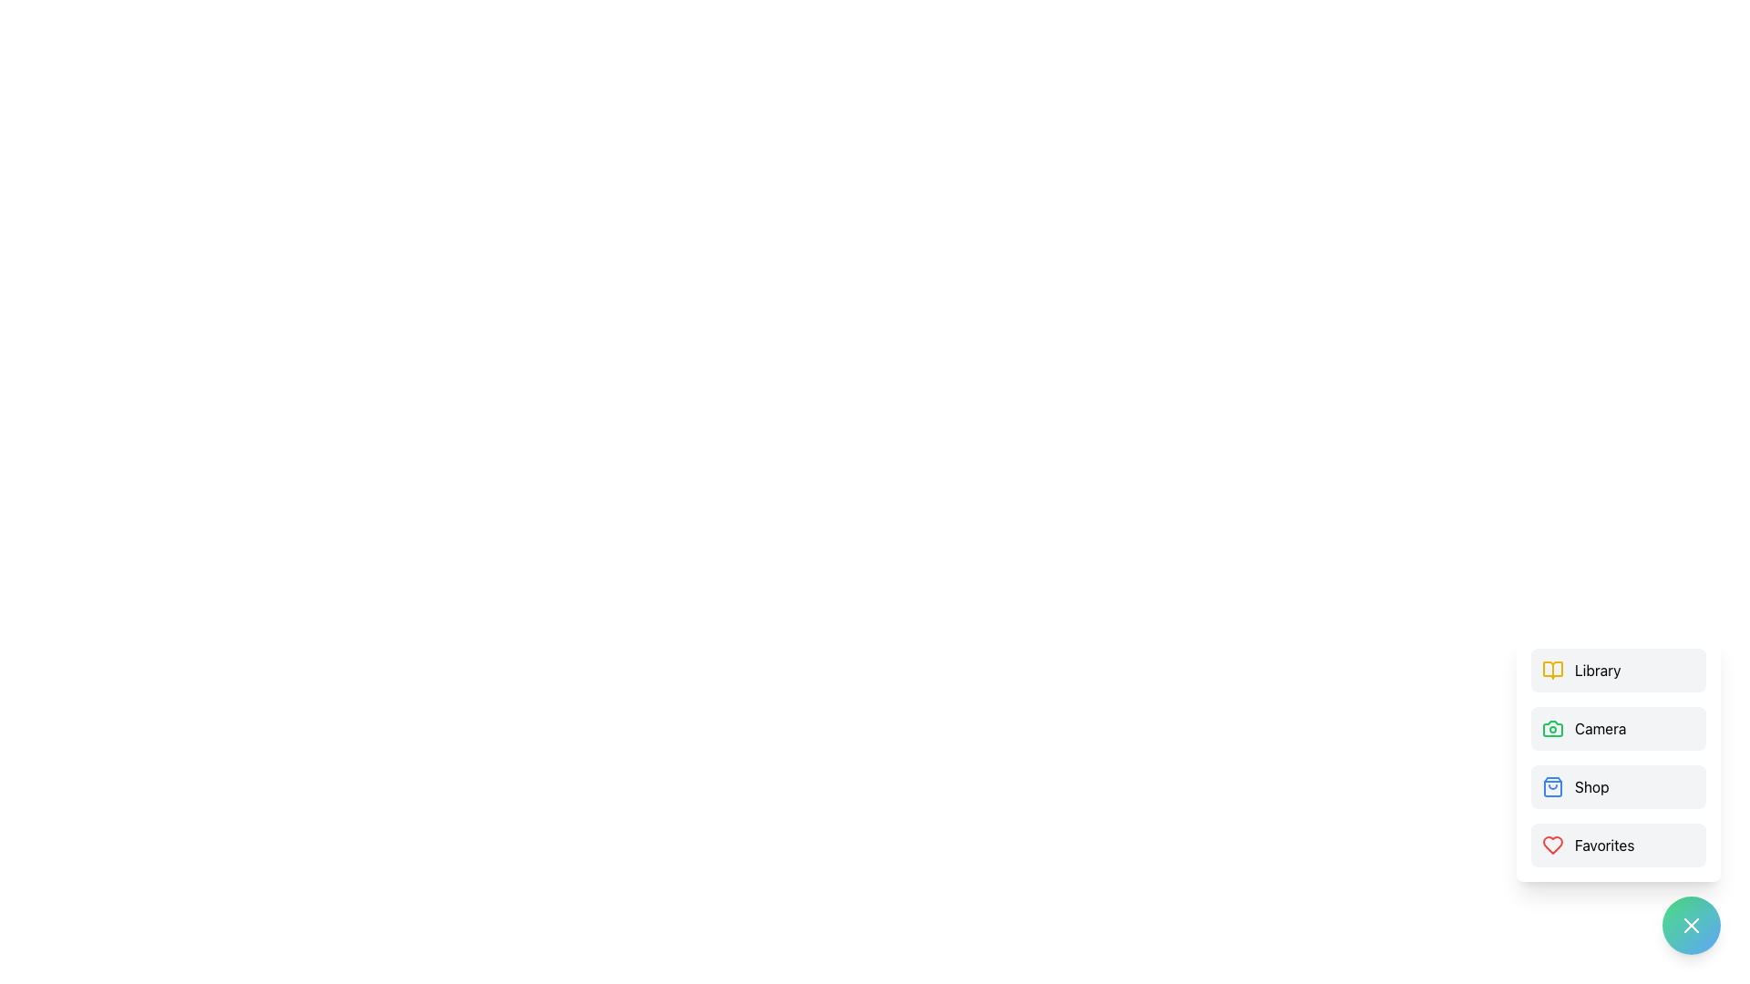  Describe the element at coordinates (1552, 786) in the screenshot. I see `the shopping bag icon located beside the 'Shop' menu item in the bottom-right section of the interface` at that location.